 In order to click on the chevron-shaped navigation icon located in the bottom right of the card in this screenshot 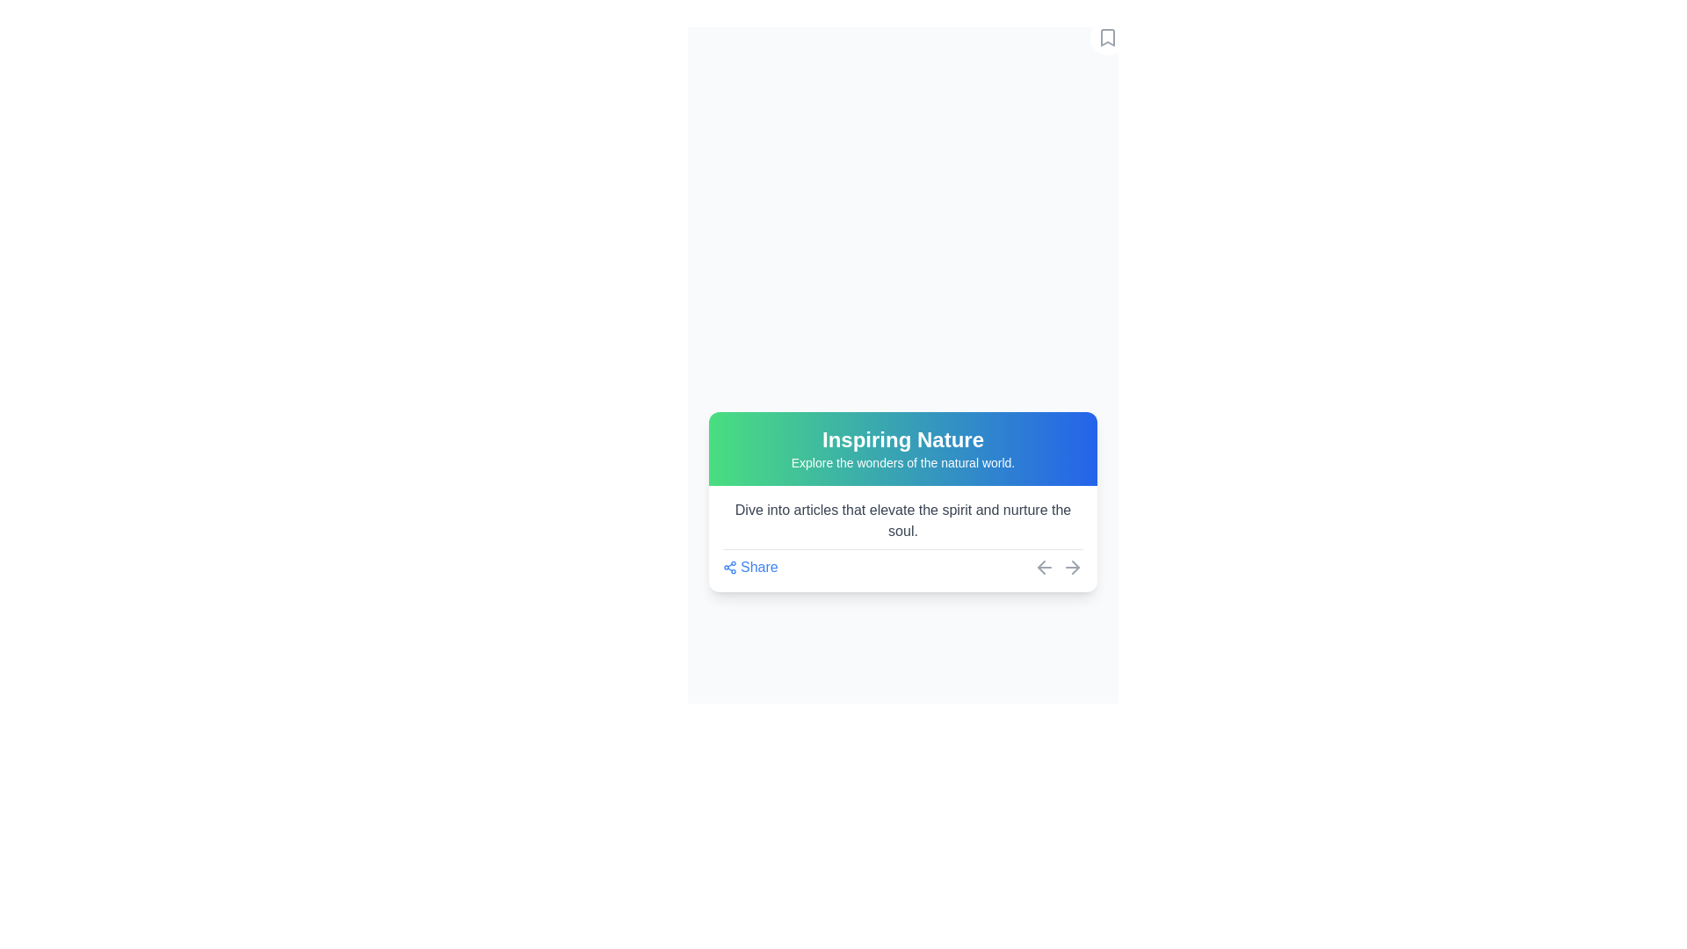, I will do `click(1075, 567)`.